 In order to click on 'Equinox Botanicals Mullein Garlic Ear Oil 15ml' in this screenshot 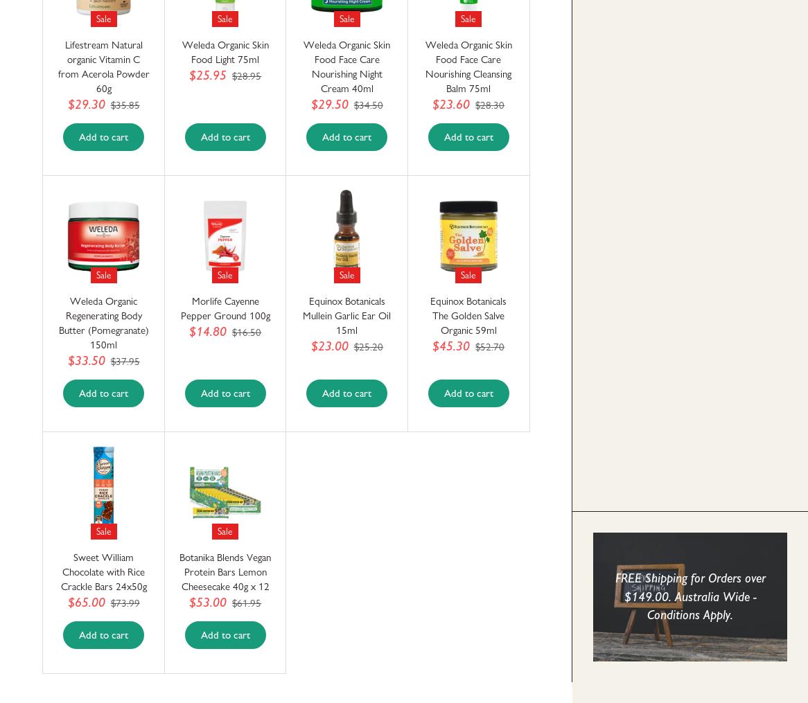, I will do `click(346, 315)`.